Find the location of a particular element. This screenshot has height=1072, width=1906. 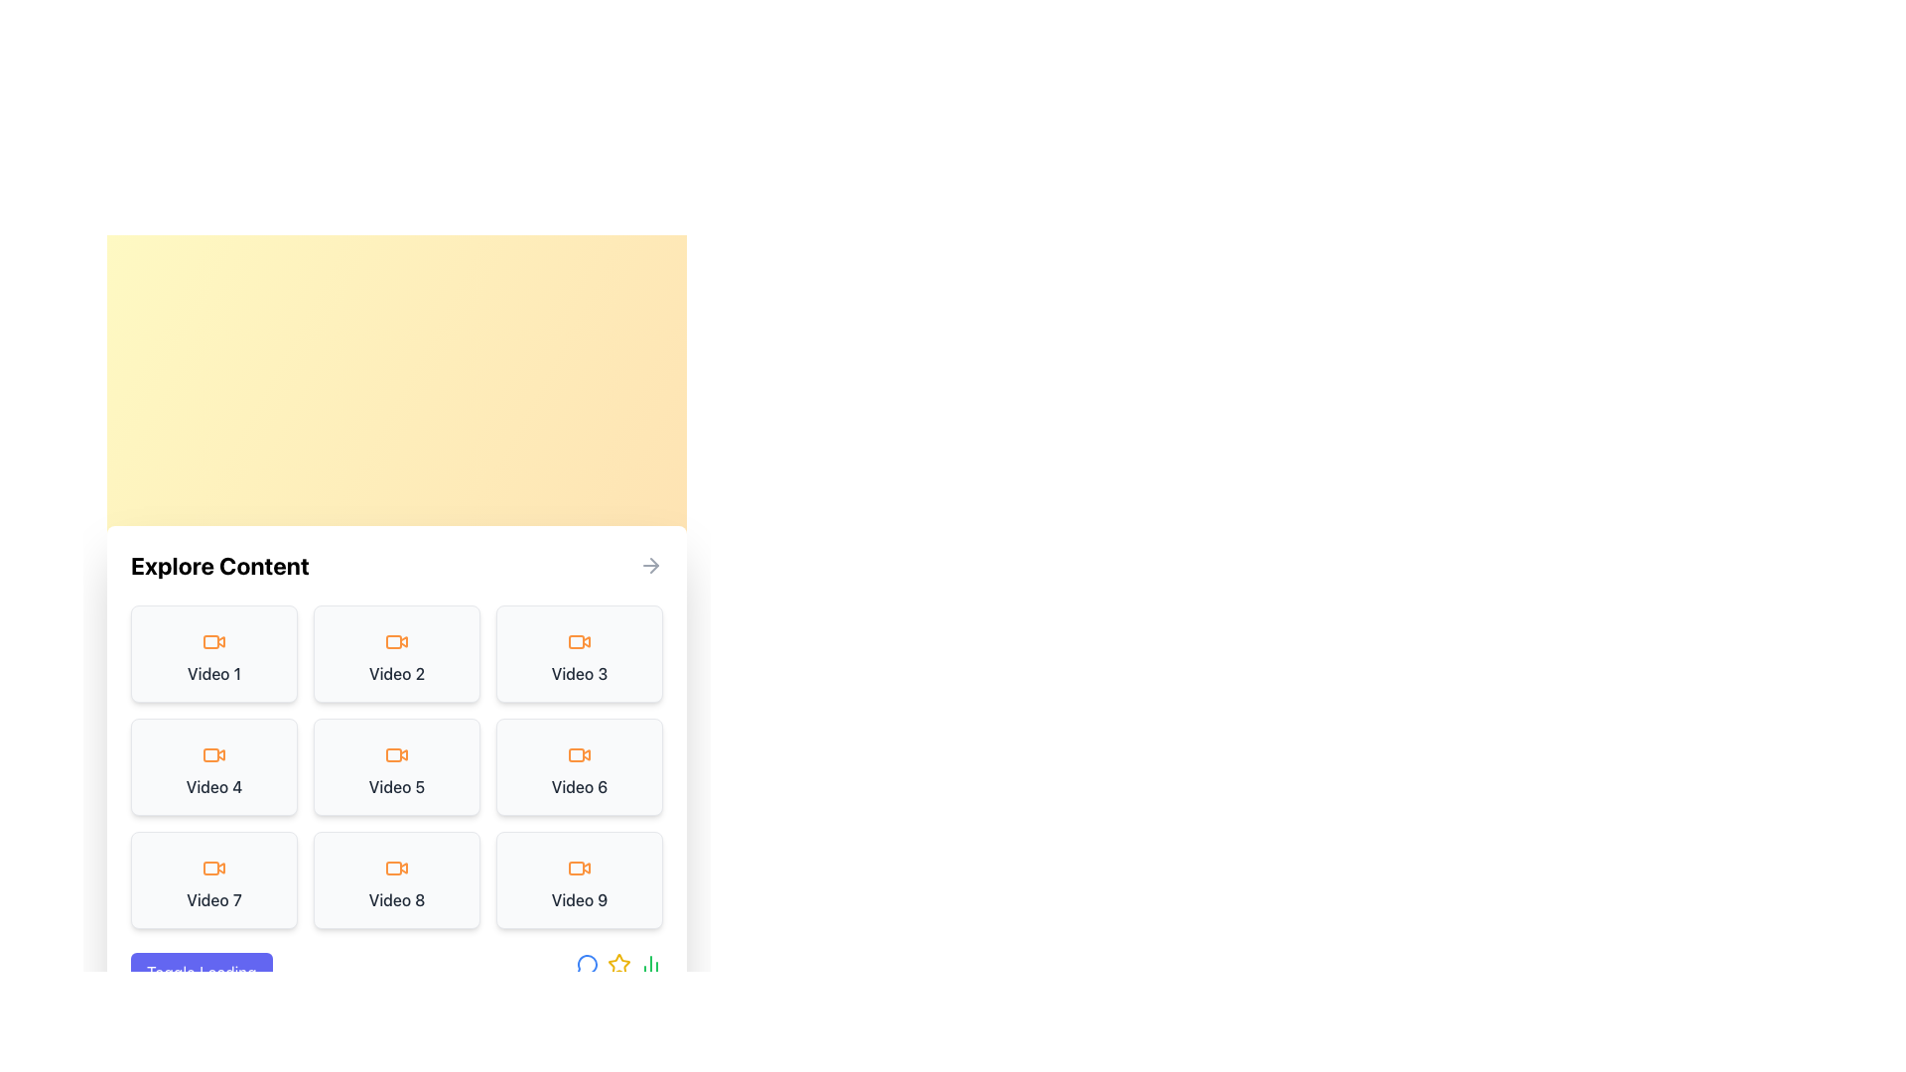

the text label for the video titled 'Video 1' located in the top-left card of the grid structure in the 'Explore Content' section is located at coordinates (214, 672).